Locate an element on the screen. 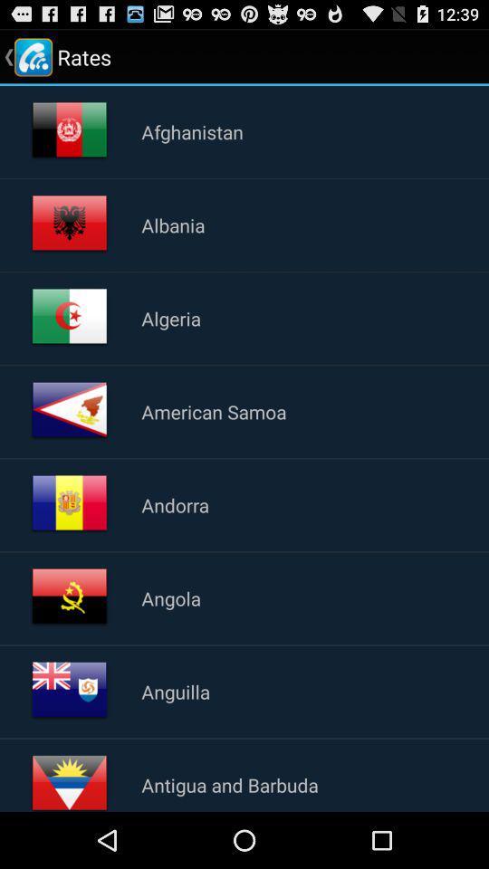 This screenshot has height=869, width=489. the item below algeria icon is located at coordinates (213, 411).